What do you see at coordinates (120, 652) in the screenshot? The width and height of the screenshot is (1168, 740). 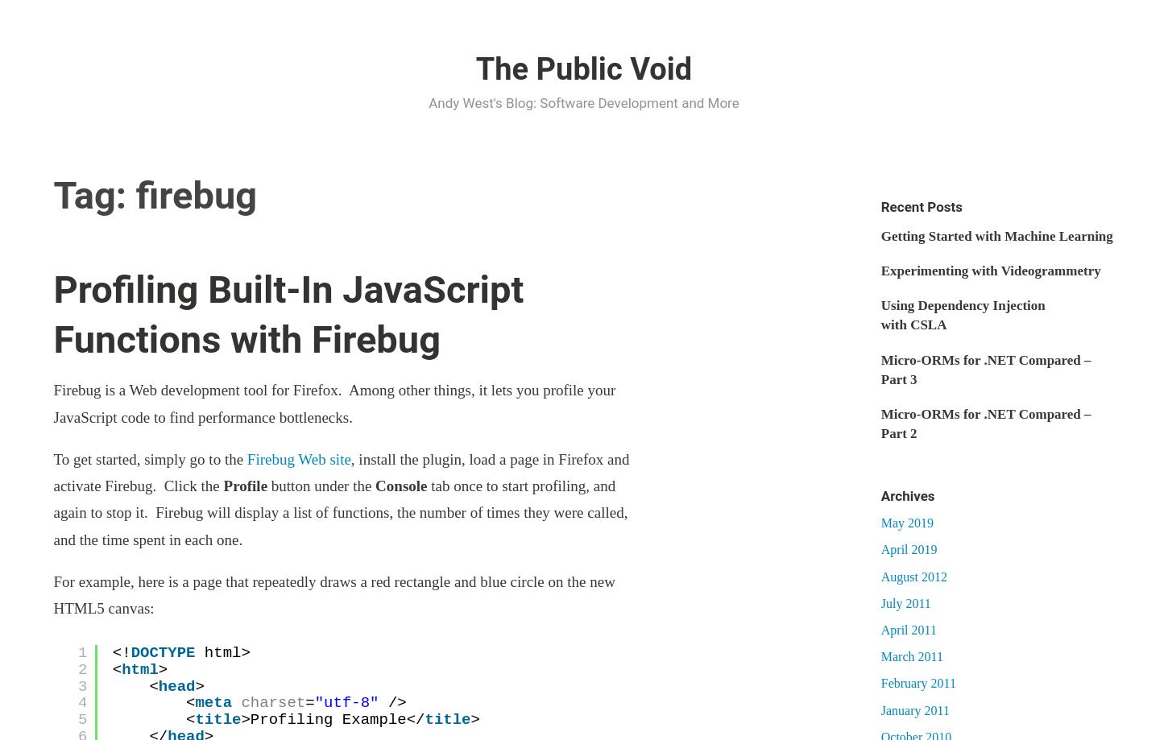 I see `'<!'` at bounding box center [120, 652].